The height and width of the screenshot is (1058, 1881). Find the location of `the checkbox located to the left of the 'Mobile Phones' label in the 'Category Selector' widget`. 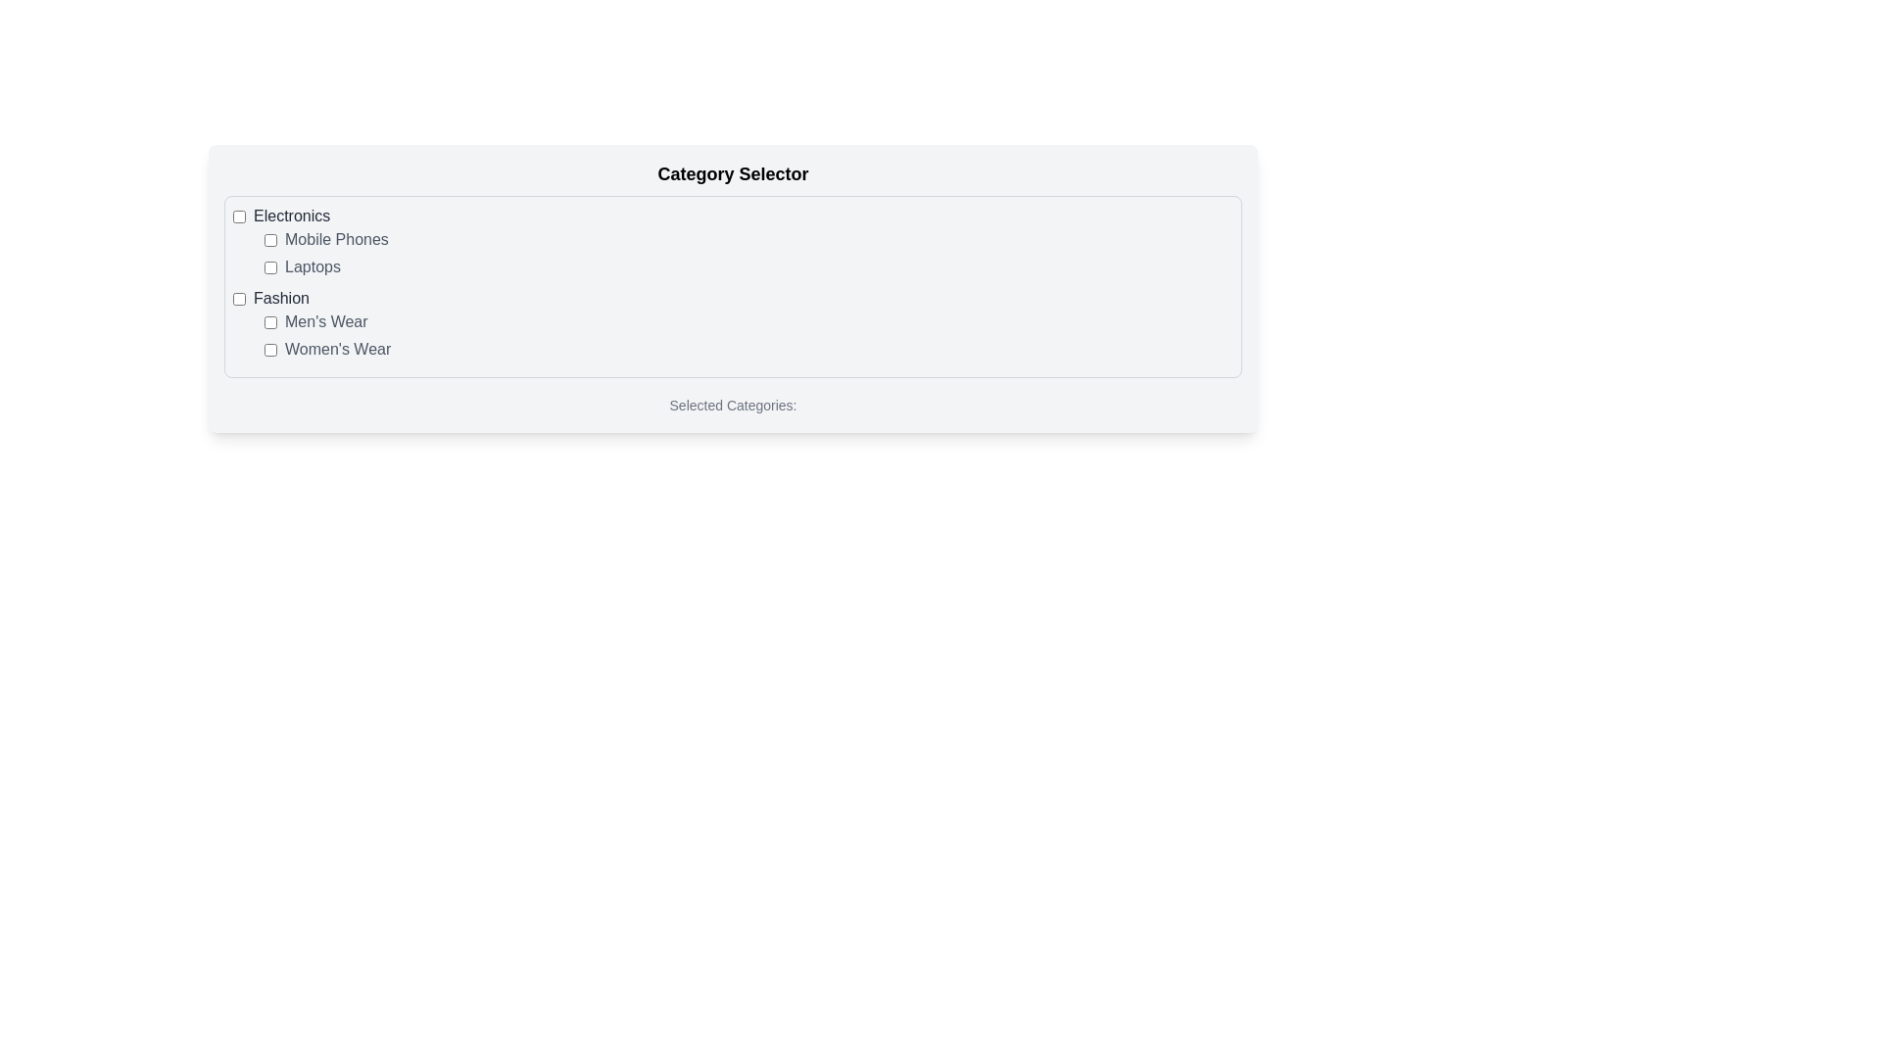

the checkbox located to the left of the 'Mobile Phones' label in the 'Category Selector' widget is located at coordinates (269, 239).